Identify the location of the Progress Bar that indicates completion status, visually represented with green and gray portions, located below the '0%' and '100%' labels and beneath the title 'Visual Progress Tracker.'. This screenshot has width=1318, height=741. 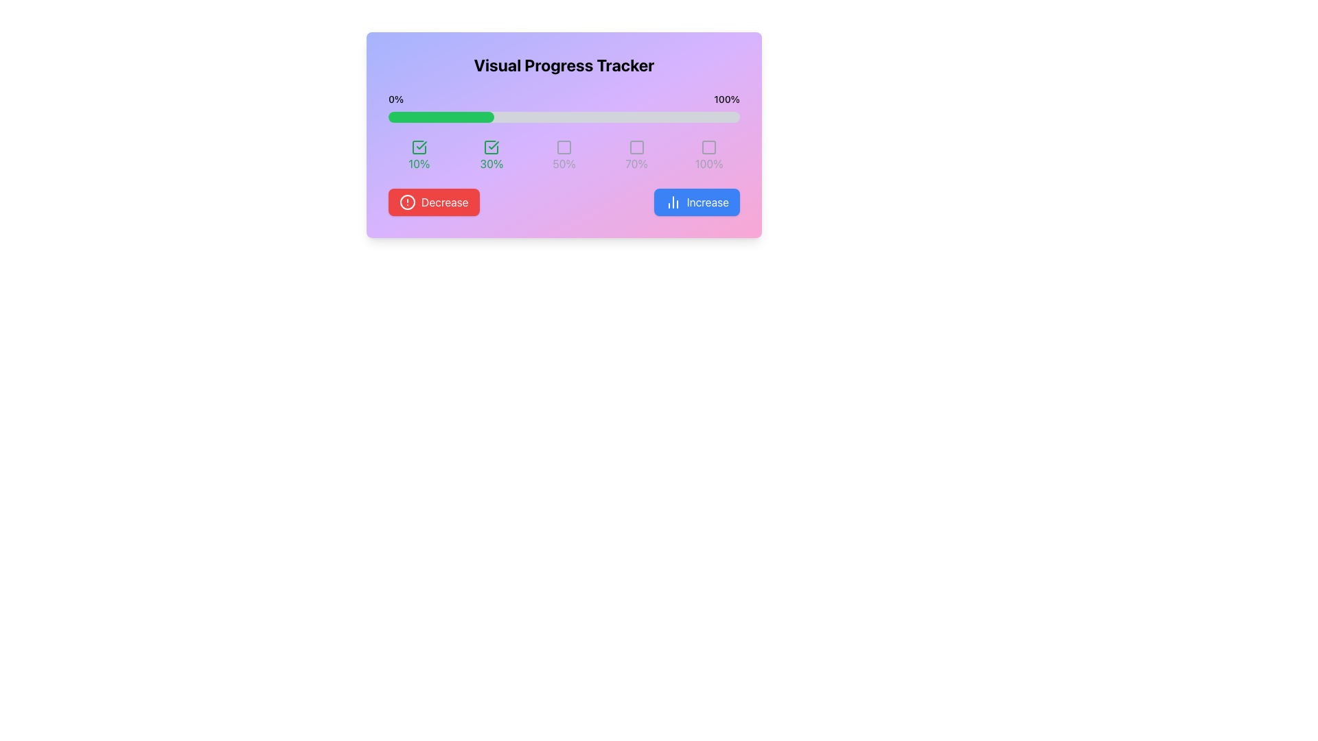
(564, 116).